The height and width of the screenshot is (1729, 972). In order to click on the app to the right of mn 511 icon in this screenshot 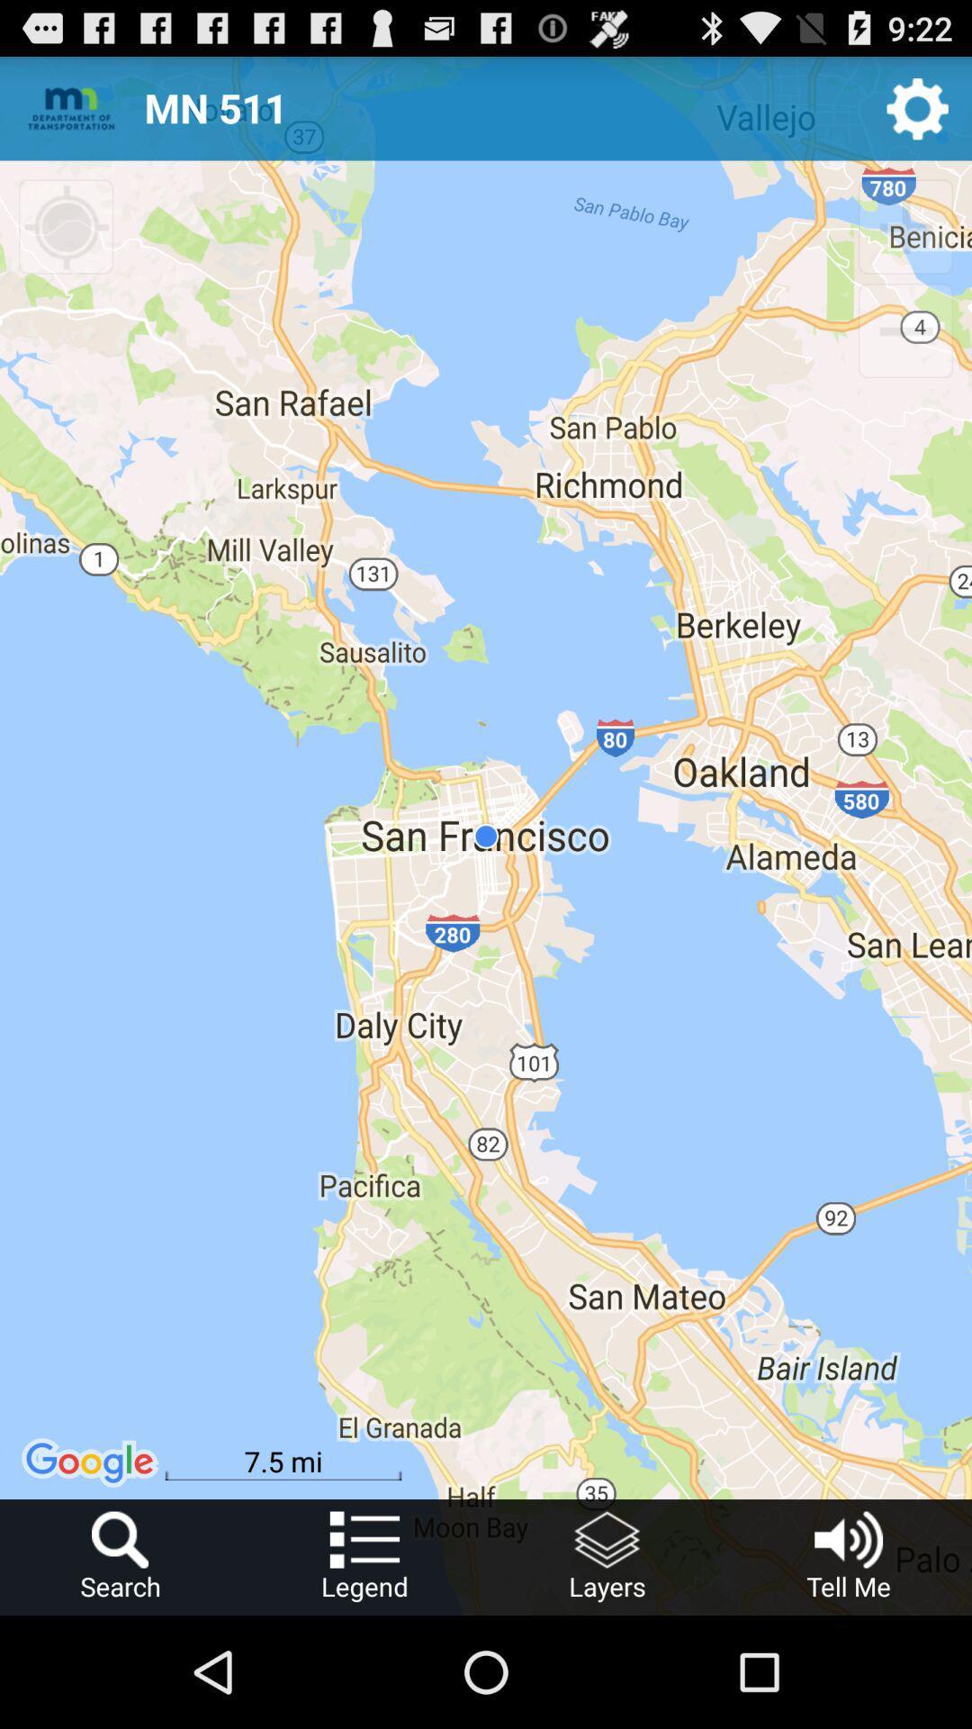, I will do `click(917, 107)`.